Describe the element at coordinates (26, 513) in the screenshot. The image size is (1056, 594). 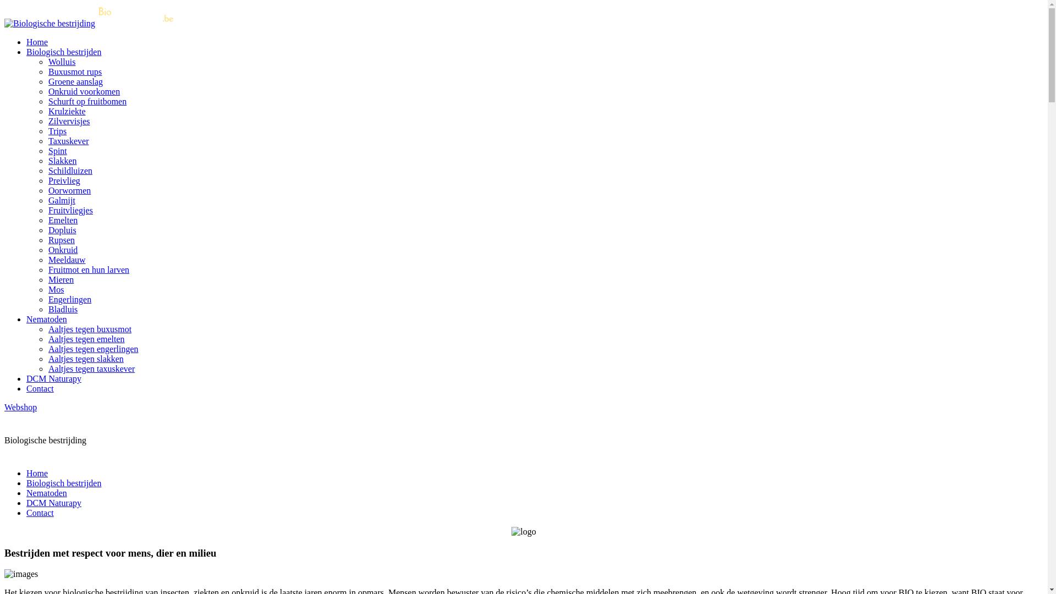
I see `'Contact'` at that location.